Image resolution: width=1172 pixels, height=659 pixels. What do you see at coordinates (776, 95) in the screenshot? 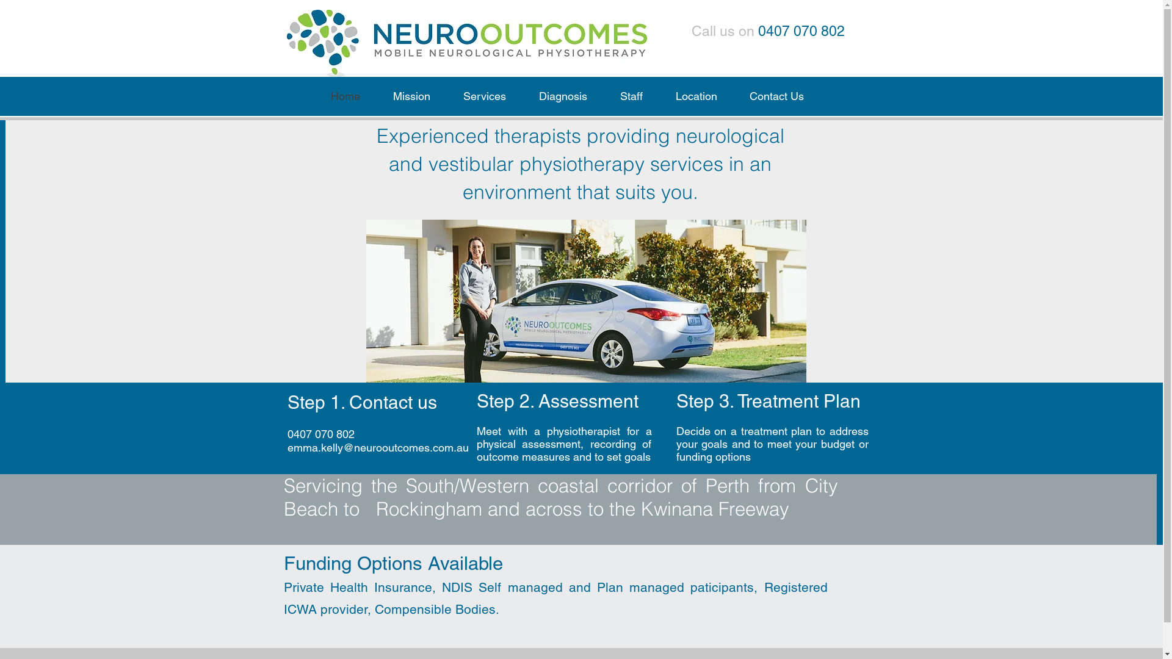
I see `'Contact Us'` at bounding box center [776, 95].